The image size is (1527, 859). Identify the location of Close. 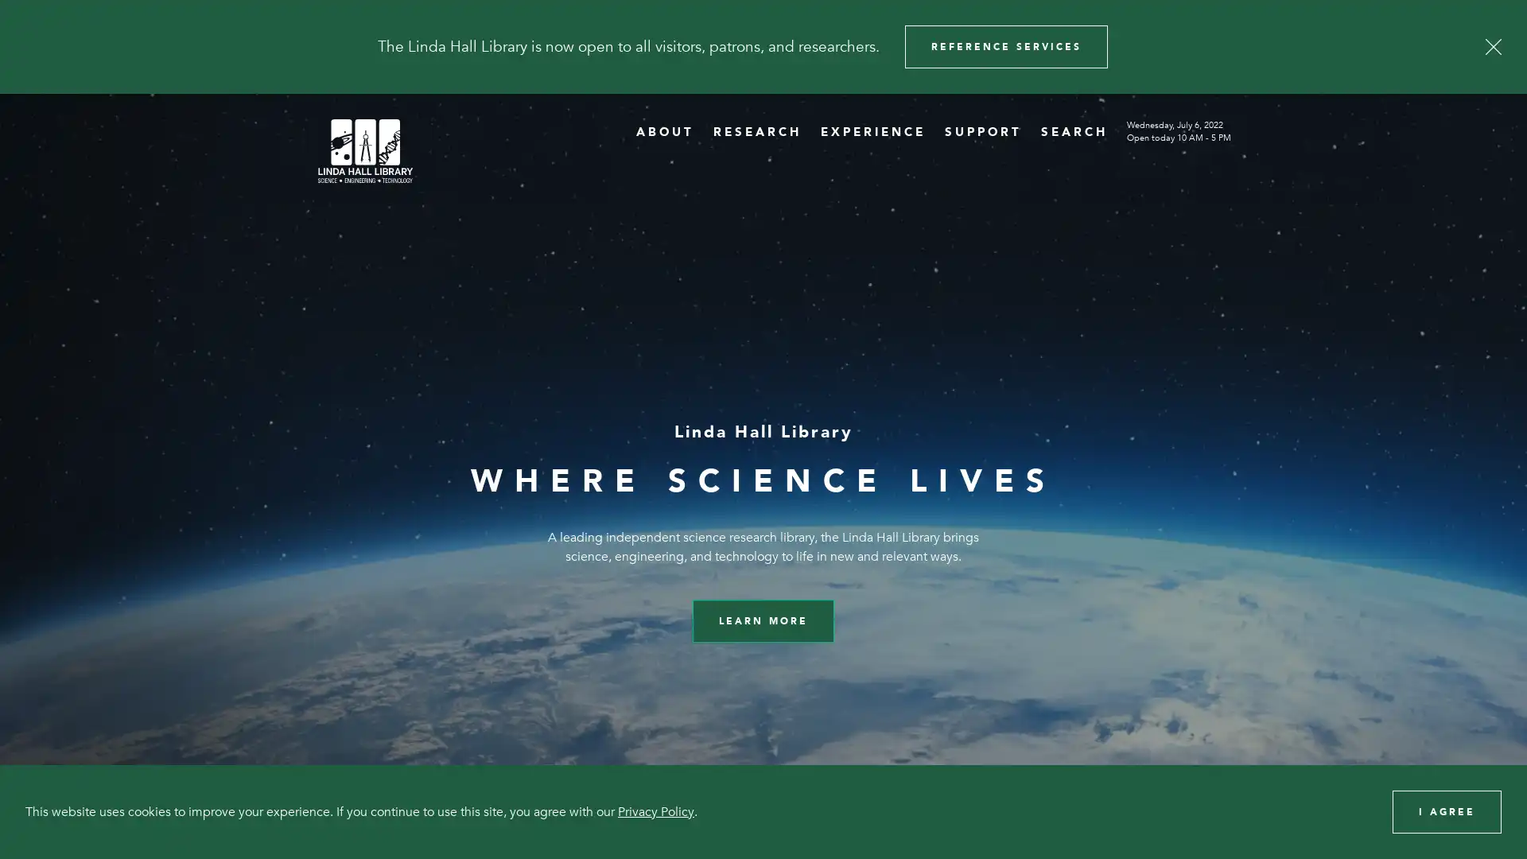
(1492, 45).